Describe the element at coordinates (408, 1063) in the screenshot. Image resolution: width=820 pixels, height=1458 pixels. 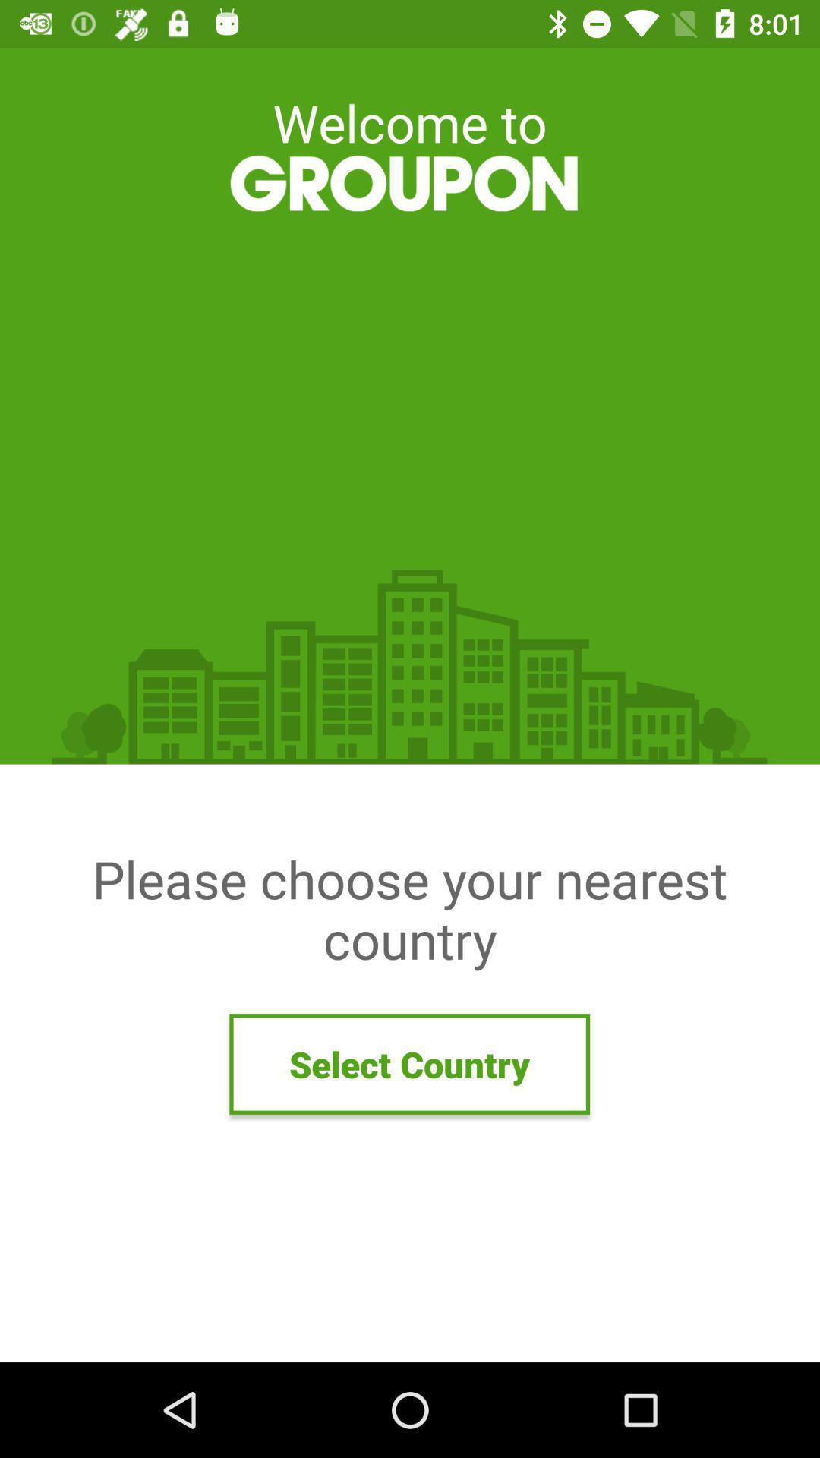
I see `the select country` at that location.